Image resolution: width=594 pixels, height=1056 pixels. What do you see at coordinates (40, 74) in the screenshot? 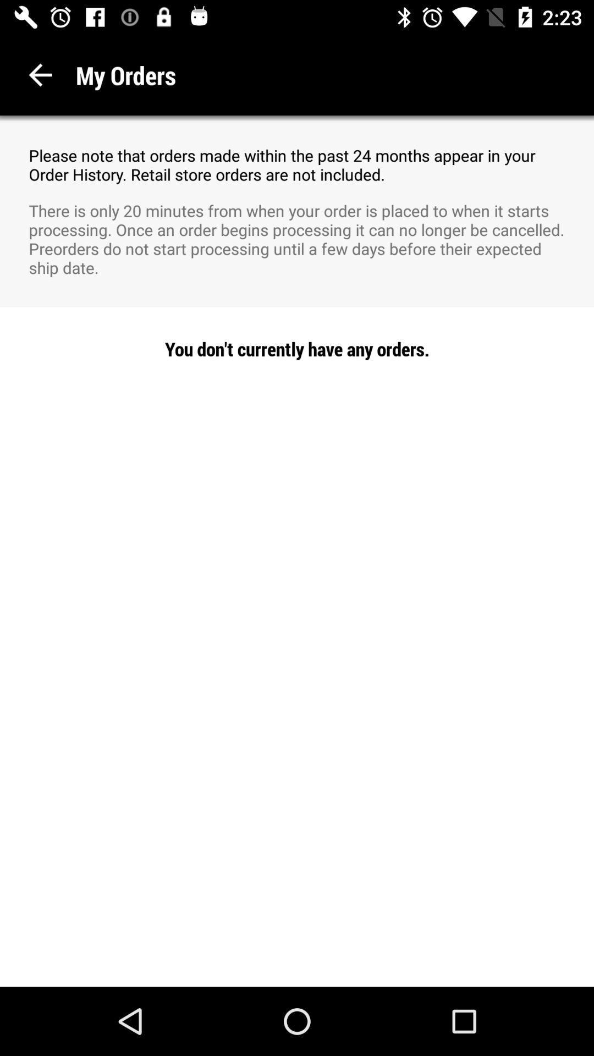
I see `icon next to the my orders item` at bounding box center [40, 74].